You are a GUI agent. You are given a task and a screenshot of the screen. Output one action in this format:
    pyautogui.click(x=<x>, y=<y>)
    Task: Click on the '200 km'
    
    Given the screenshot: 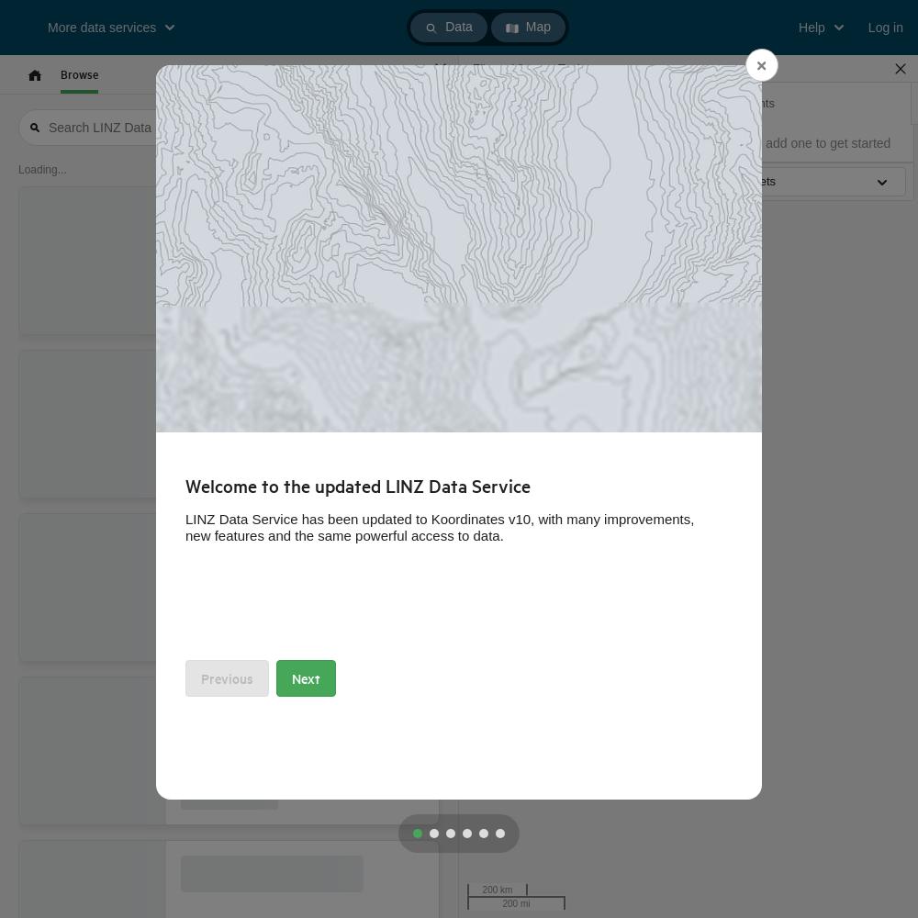 What is the action you would take?
    pyautogui.click(x=497, y=889)
    